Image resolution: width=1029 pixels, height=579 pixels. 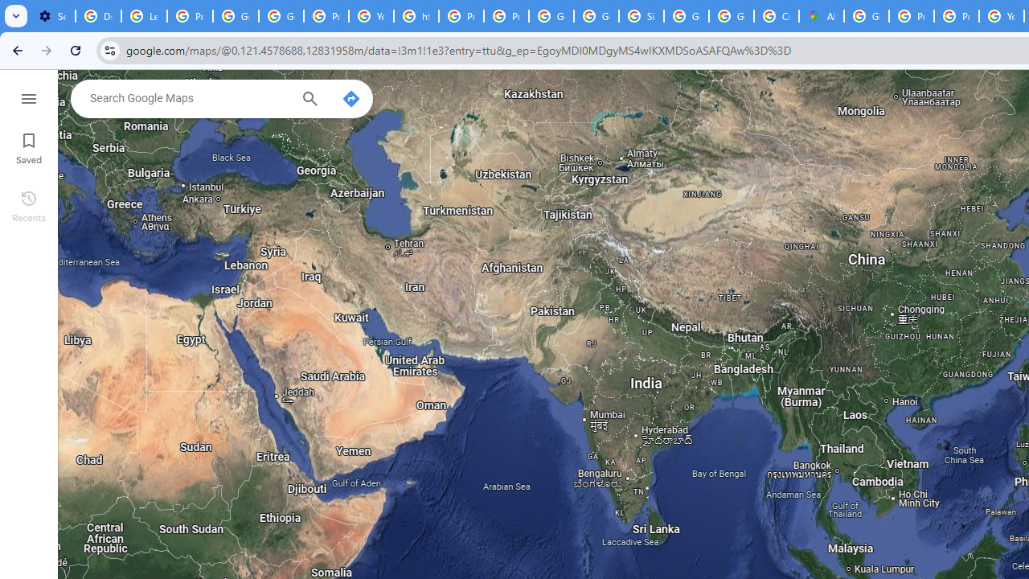 I want to click on 'Create your Google Account', so click(x=777, y=16).